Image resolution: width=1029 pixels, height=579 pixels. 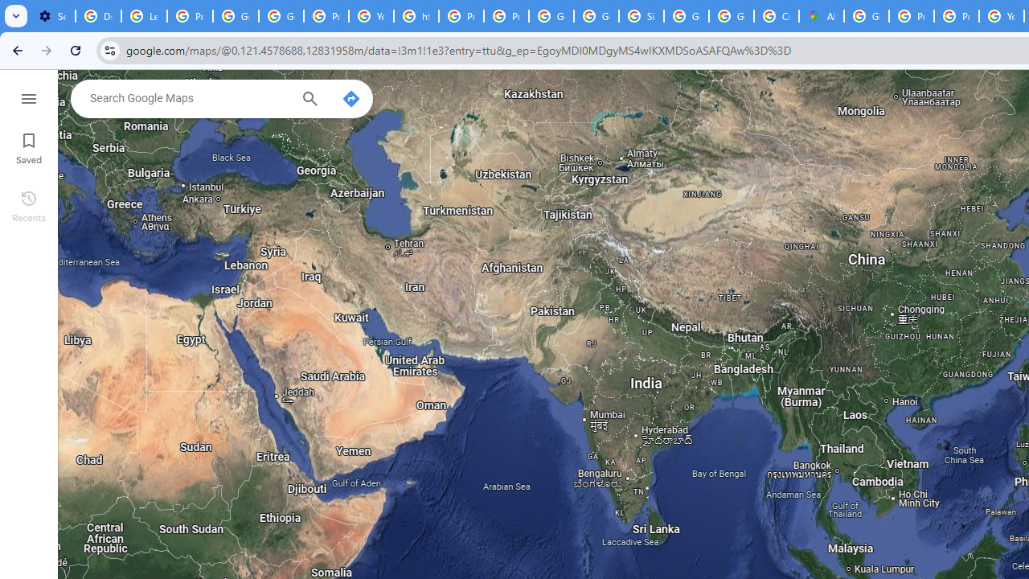 I want to click on 'Create your Google Account', so click(x=777, y=16).